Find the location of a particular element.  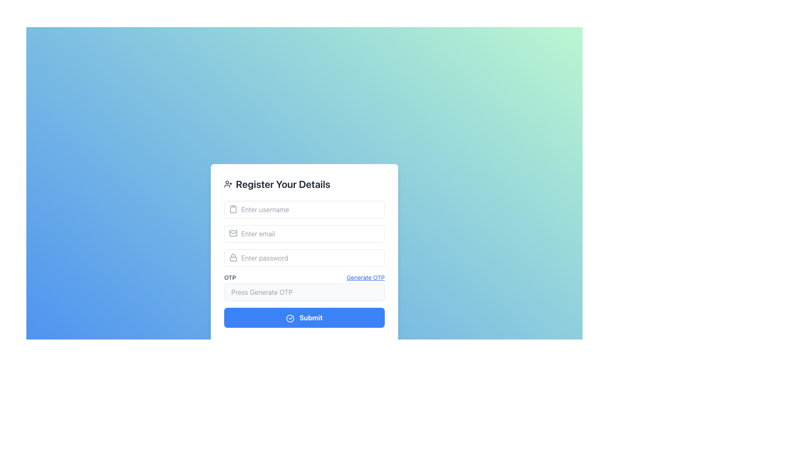

the decorative clipboard icon located to the left of the username input box, which features a minimalistic design with thin, soft-gray strokes is located at coordinates (233, 209).